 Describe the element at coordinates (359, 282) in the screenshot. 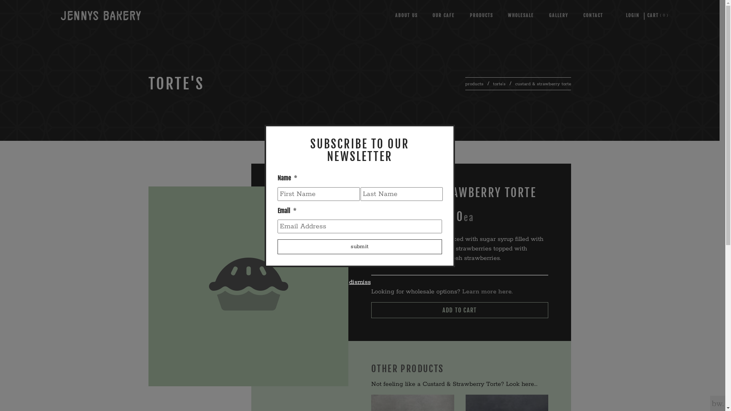

I see `'dismiss'` at that location.